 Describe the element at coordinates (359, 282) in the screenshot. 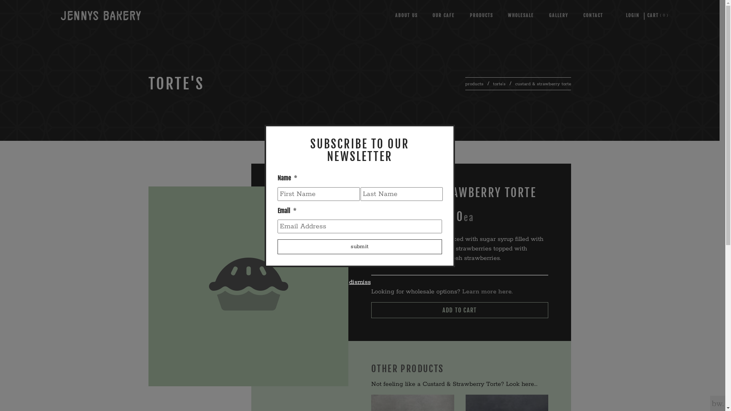

I see `'dismiss'` at that location.